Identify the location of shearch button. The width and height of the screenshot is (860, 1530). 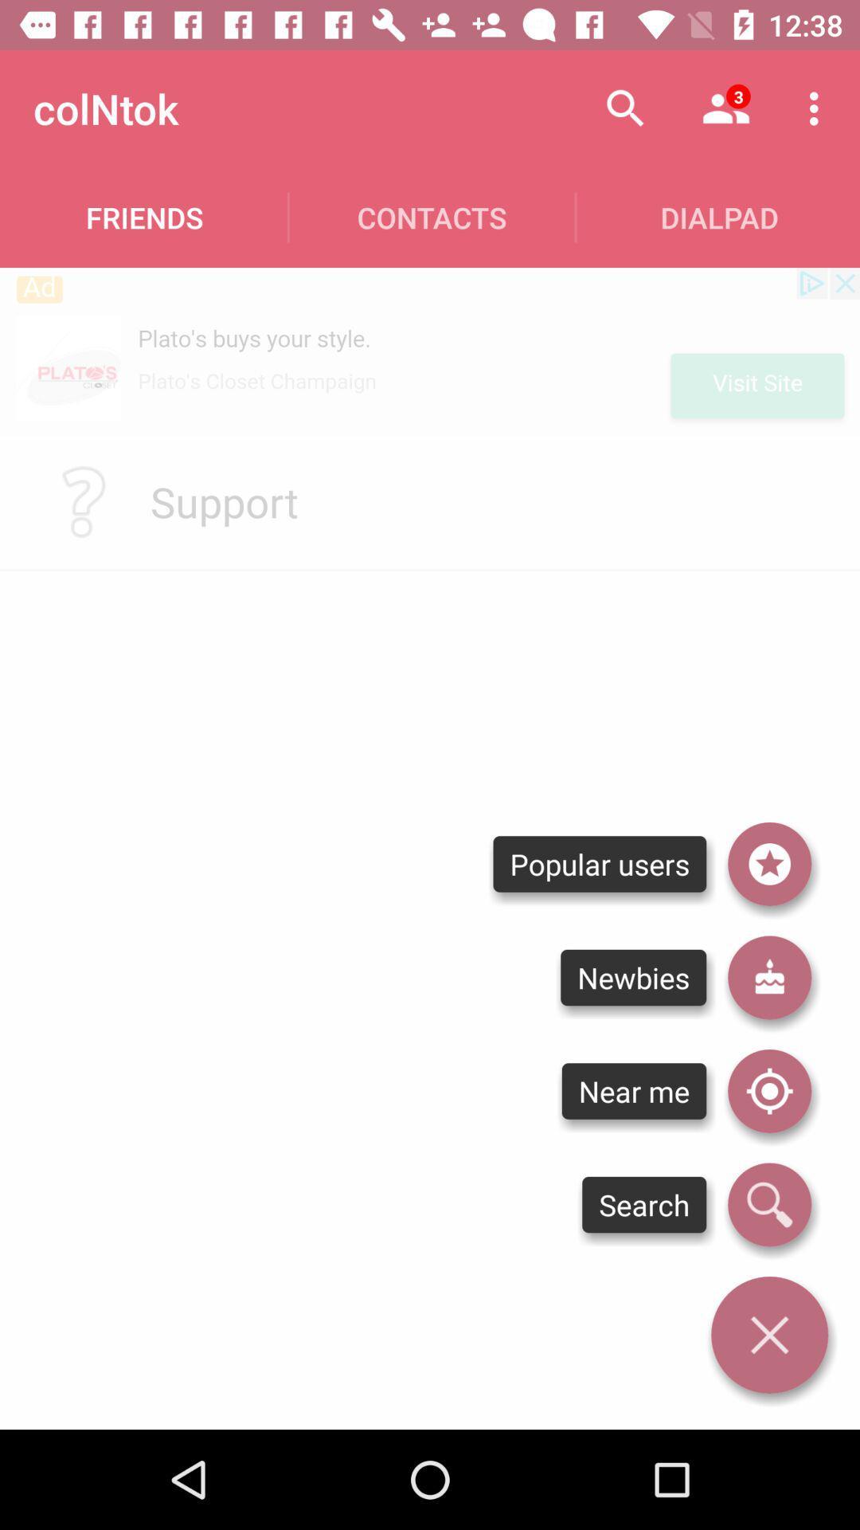
(768, 1205).